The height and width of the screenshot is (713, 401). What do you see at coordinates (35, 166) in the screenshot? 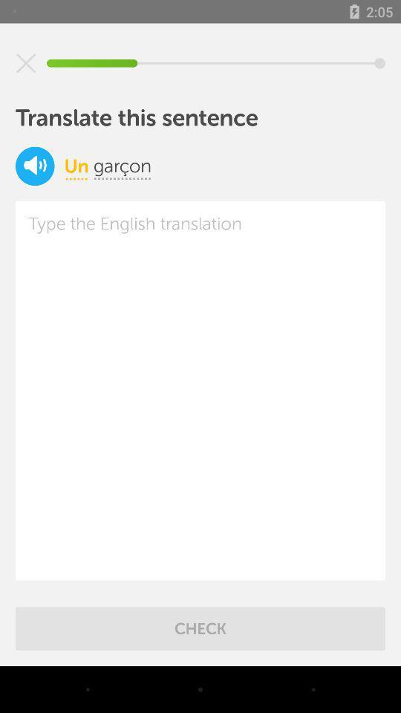
I see `sound` at bounding box center [35, 166].